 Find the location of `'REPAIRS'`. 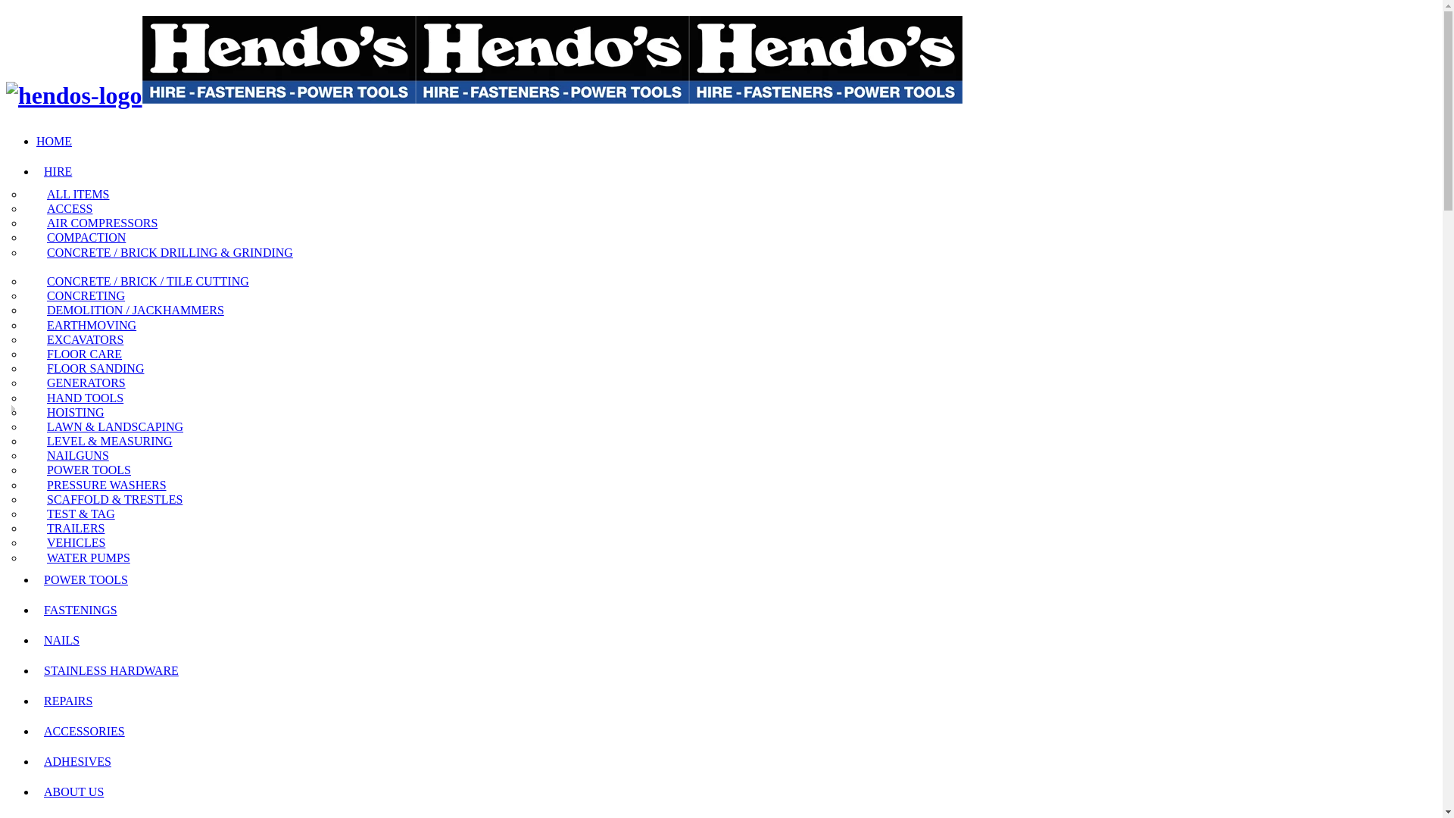

'REPAIRS' is located at coordinates (67, 701).